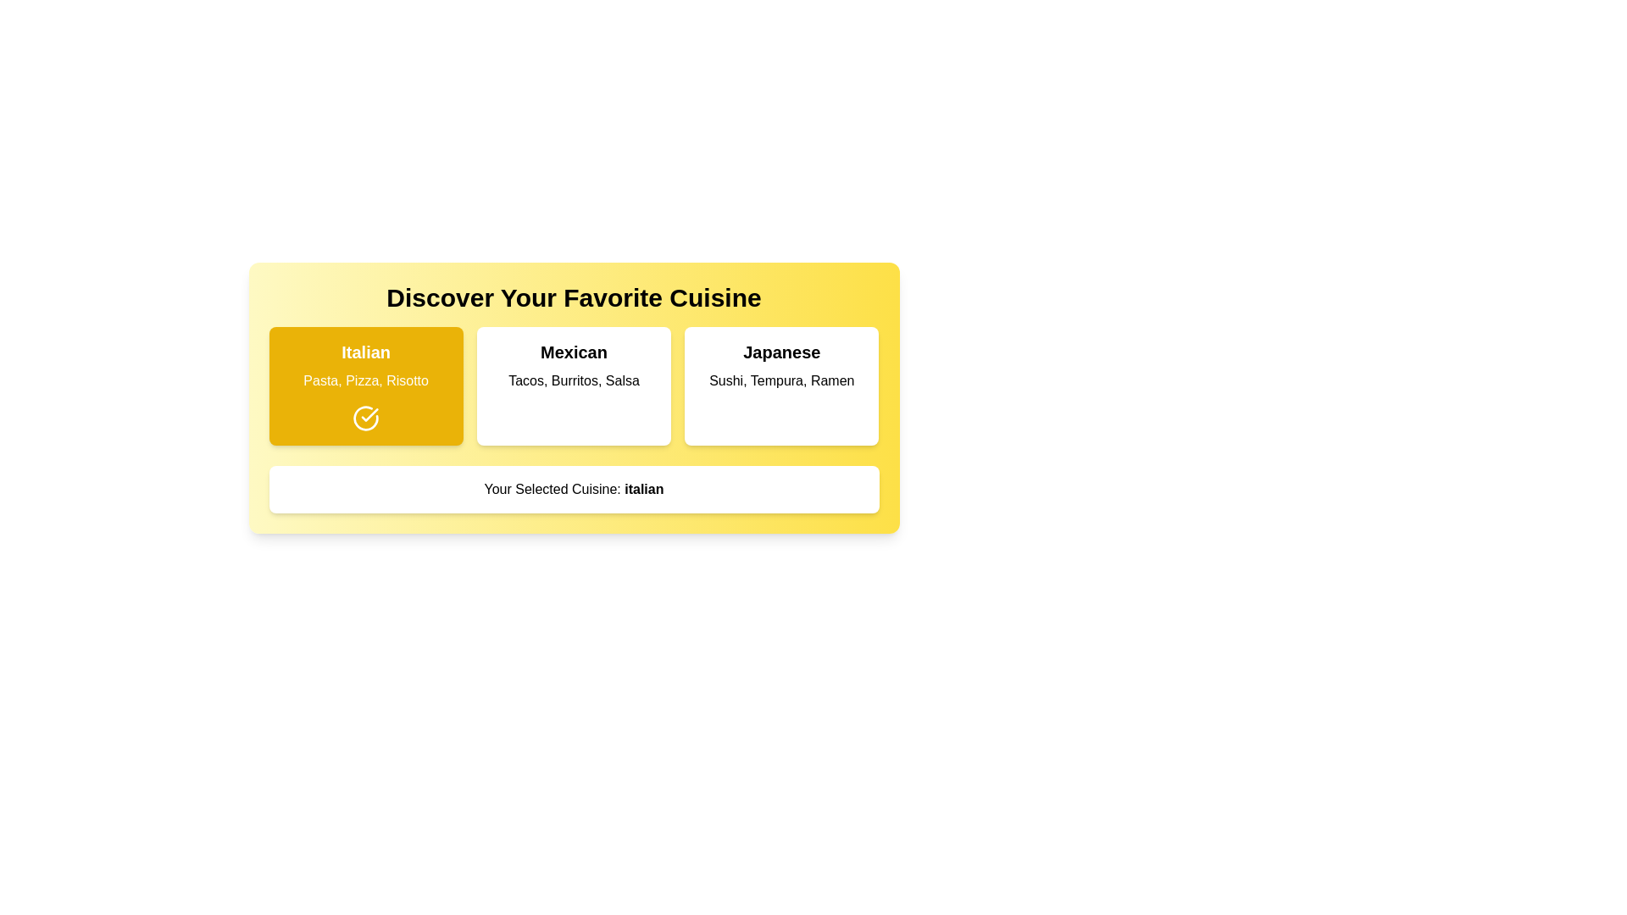 The width and height of the screenshot is (1627, 915). I want to click on the text label displaying 'Sushi, Tempura, Ramen', which is located within the 'Japanese' cuisine option group, beneath the header text 'Japanese', so click(780, 381).